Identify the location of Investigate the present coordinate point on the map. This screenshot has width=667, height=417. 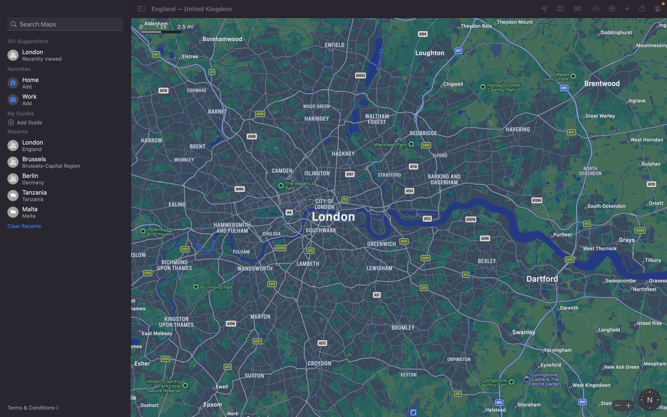
(595, 9).